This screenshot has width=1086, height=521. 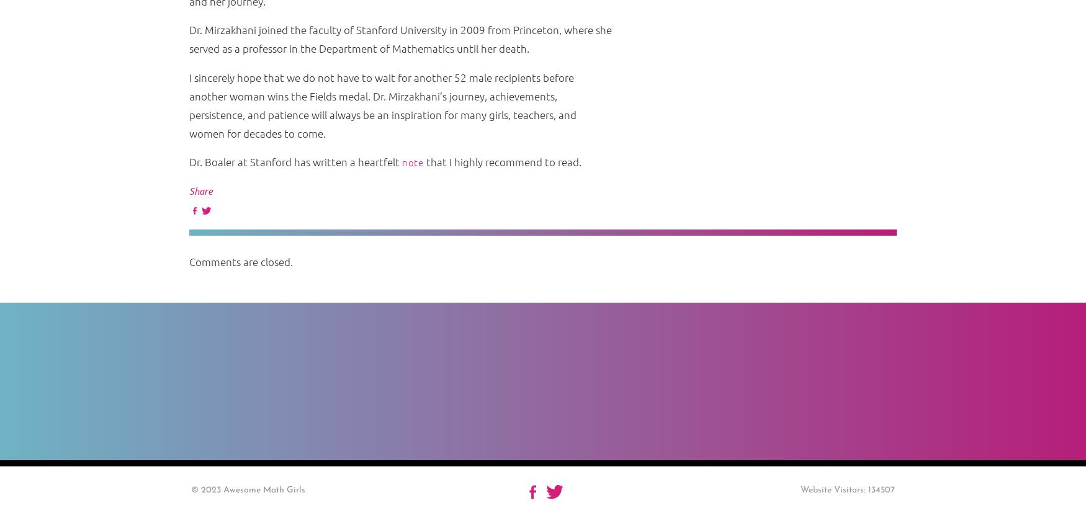 I want to click on 'Share', so click(x=200, y=190).